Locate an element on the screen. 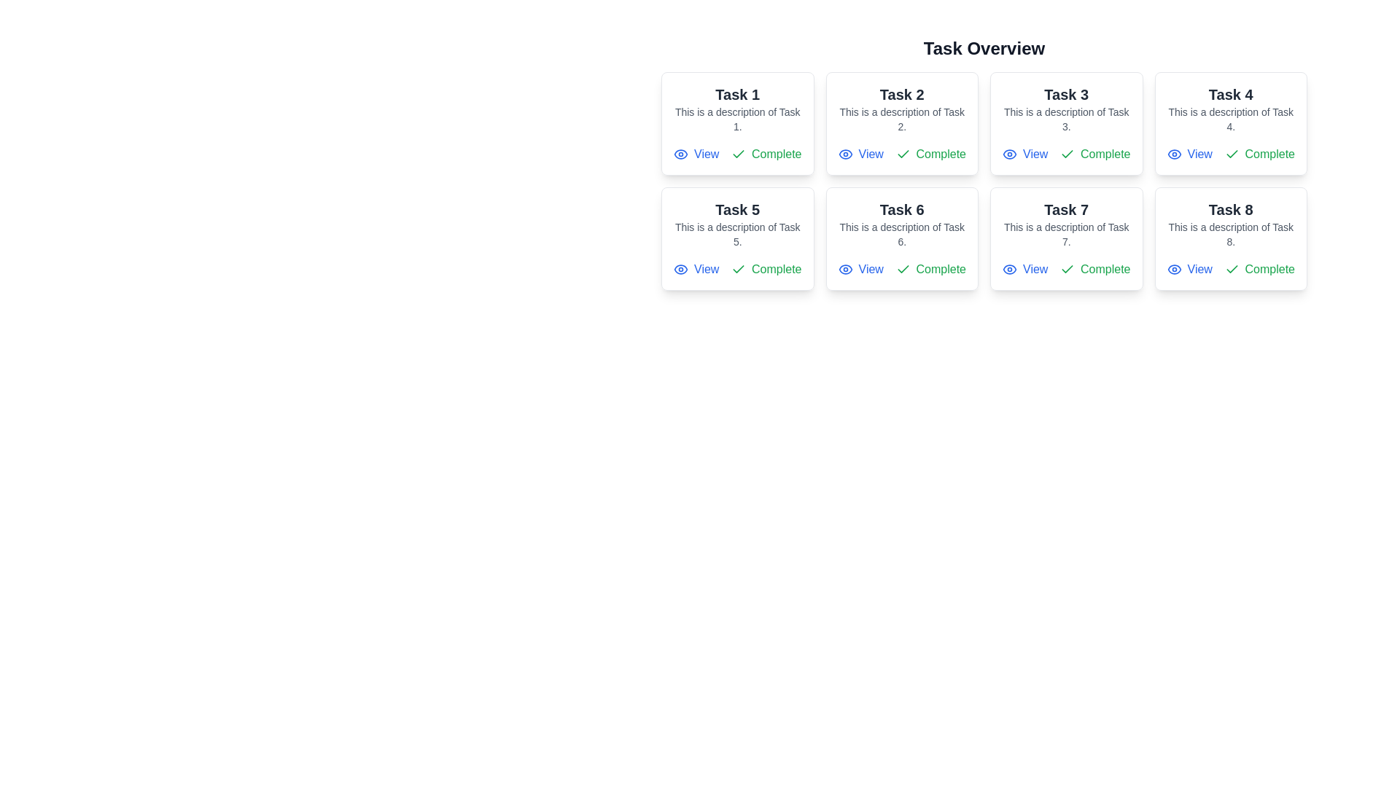 This screenshot has height=787, width=1400. the green checkmark icon indicating task completion for 'Task 1', located between the 'View' blue icon and the 'Complete' green text is located at coordinates (738, 154).